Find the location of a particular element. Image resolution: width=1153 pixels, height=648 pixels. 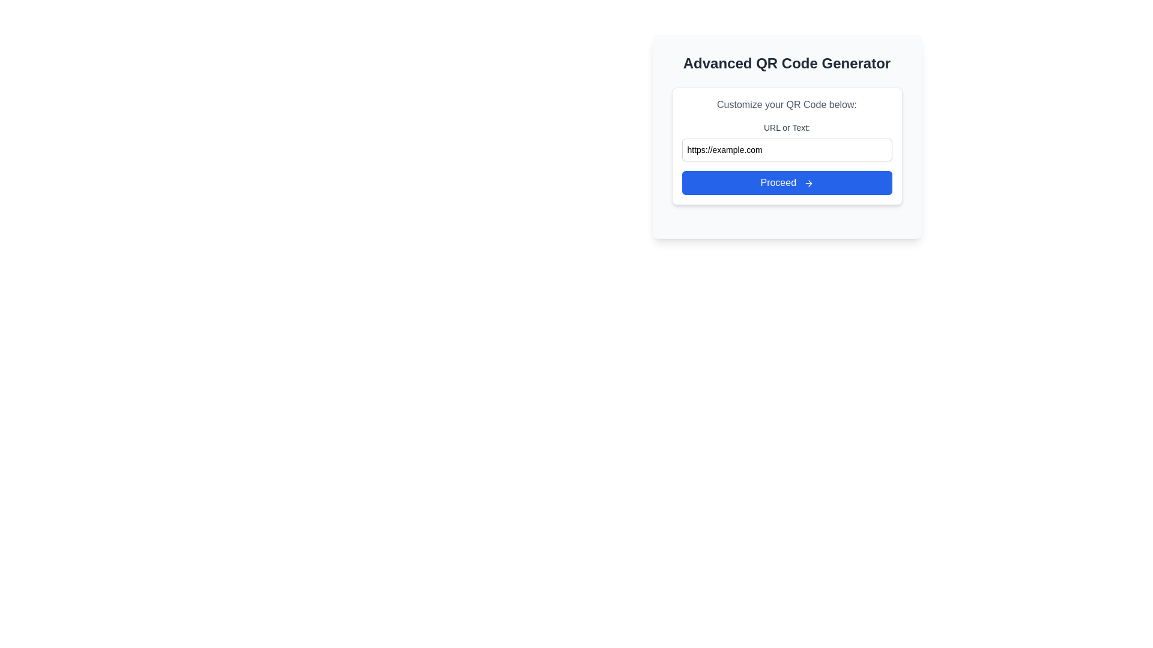

the input field for the Advanced QR Code Generator, allowing users to type in a URL or text is located at coordinates (787, 145).